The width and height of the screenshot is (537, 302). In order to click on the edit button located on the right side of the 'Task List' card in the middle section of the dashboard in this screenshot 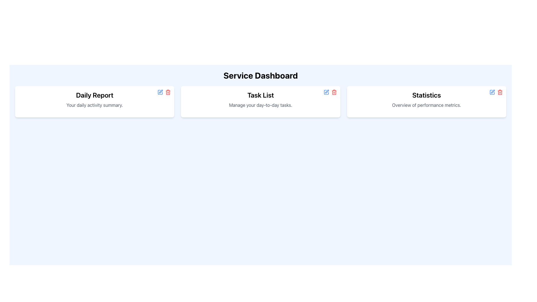, I will do `click(326, 92)`.